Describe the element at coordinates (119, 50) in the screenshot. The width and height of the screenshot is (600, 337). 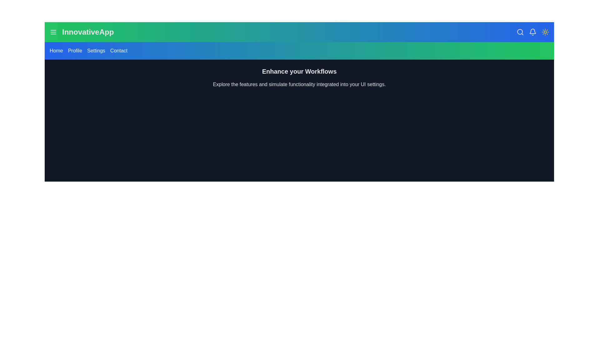
I see `the navigation link Contact to observe its hover effect` at that location.